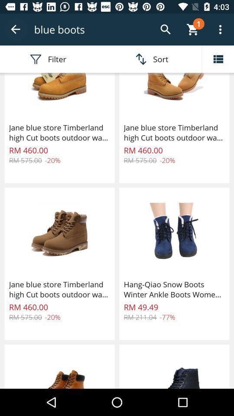 Image resolution: width=234 pixels, height=416 pixels. I want to click on the list icon, so click(218, 58).